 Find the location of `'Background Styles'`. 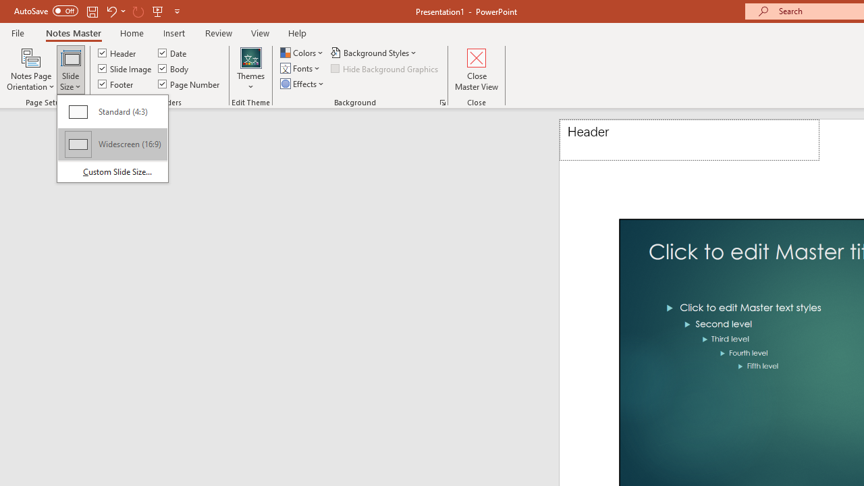

'Background Styles' is located at coordinates (375, 52).